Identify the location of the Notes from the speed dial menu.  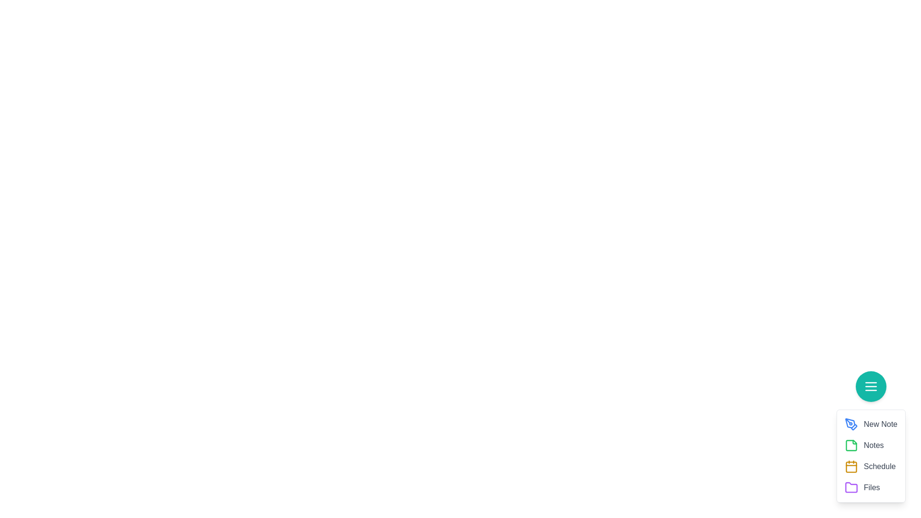
(851, 446).